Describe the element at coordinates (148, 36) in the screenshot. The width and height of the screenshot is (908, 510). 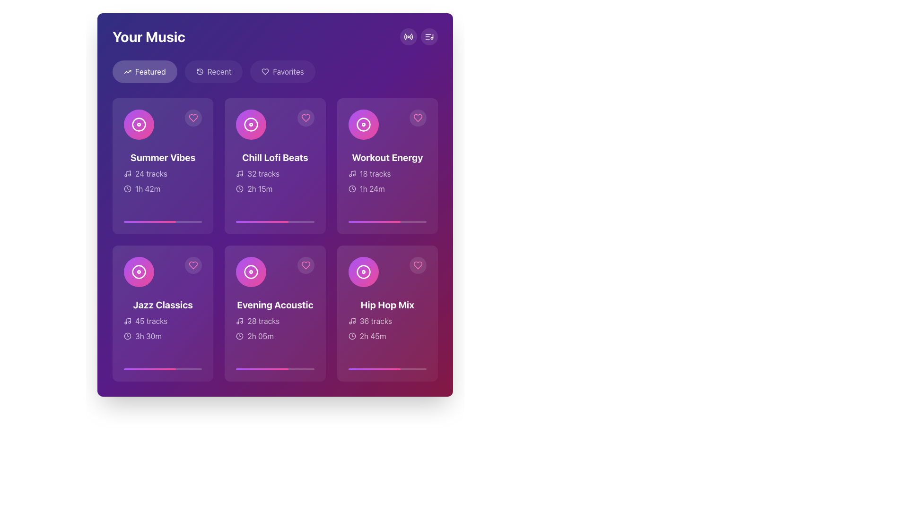
I see `heading label 'Your Music' located at the top-left corner of the page, which serves as the title of the section, indicating a personalized space for the user's music collection` at that location.